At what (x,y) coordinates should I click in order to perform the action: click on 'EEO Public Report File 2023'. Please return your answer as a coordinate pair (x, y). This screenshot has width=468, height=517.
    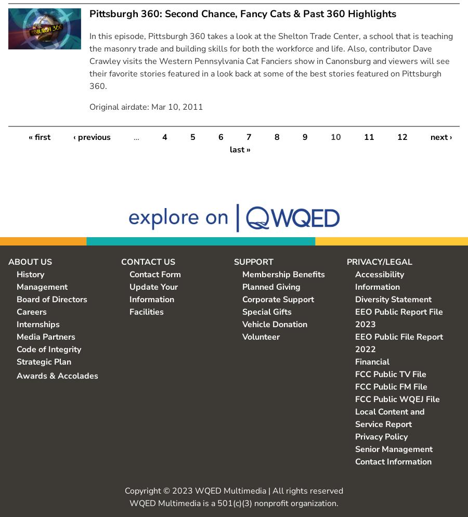
    Looking at the image, I should click on (355, 317).